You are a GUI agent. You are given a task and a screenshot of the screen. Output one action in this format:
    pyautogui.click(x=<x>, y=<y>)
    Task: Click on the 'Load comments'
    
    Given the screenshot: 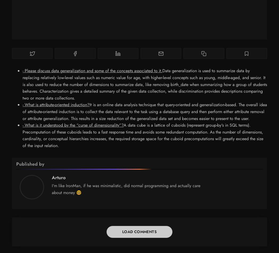 What is the action you would take?
    pyautogui.click(x=139, y=232)
    